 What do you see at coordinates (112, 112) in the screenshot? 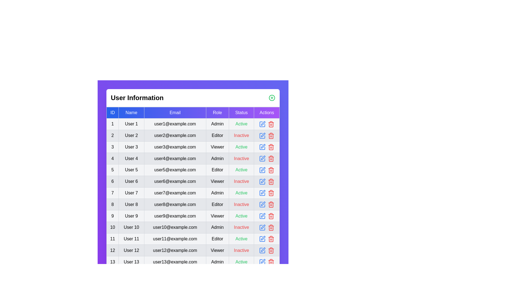
I see `the column header ID to sort or filter the table` at bounding box center [112, 112].